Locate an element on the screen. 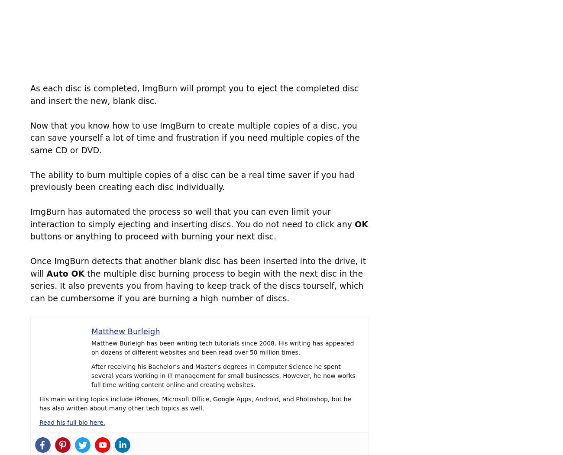 The width and height of the screenshot is (563, 455). 'OK' is located at coordinates (361, 223).